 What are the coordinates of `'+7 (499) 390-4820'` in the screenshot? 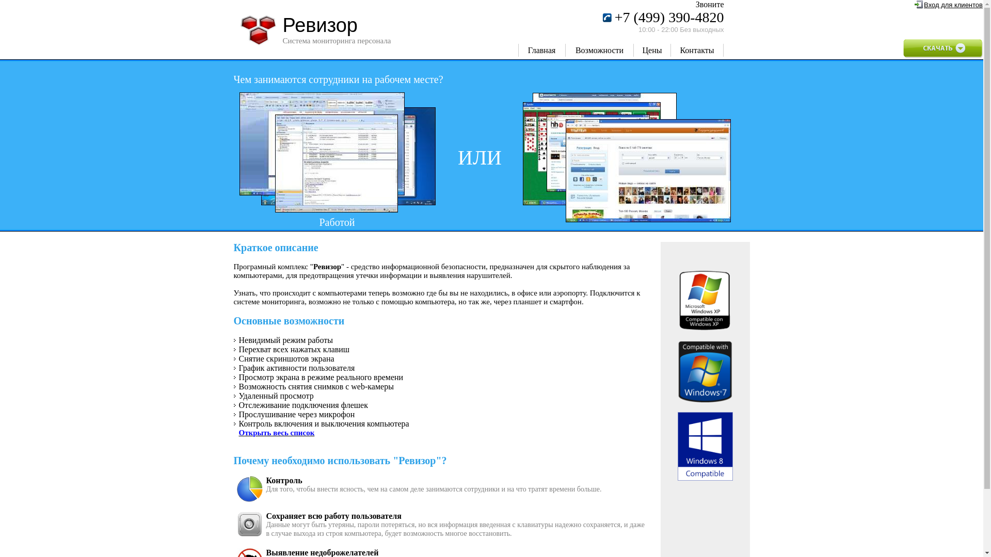 It's located at (669, 19).